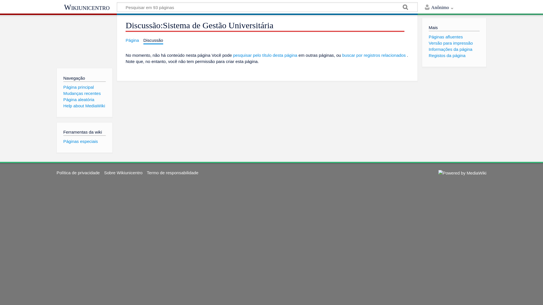 The height and width of the screenshot is (305, 543). What do you see at coordinates (405, 8) in the screenshot?
I see `'Pesquisar'` at bounding box center [405, 8].